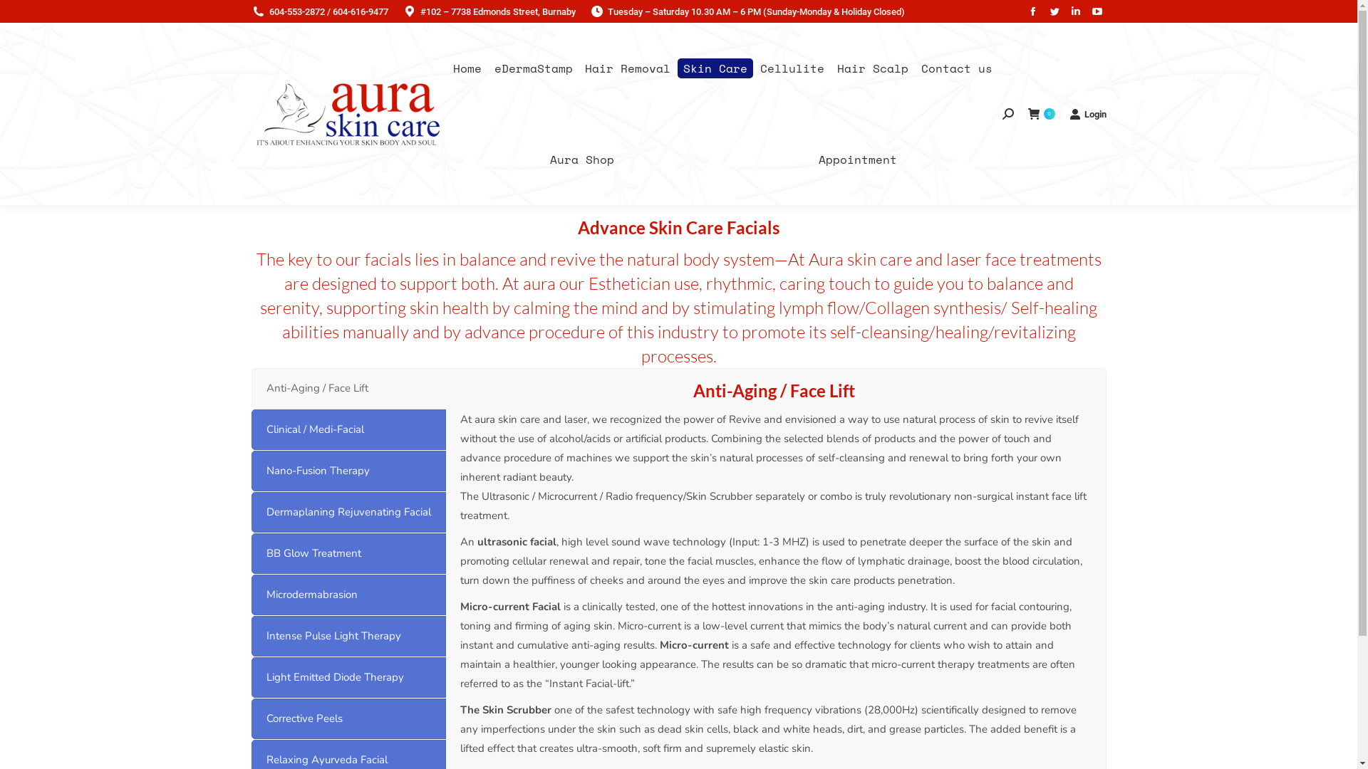 The height and width of the screenshot is (769, 1368). What do you see at coordinates (856, 159) in the screenshot?
I see `'Appointment'` at bounding box center [856, 159].